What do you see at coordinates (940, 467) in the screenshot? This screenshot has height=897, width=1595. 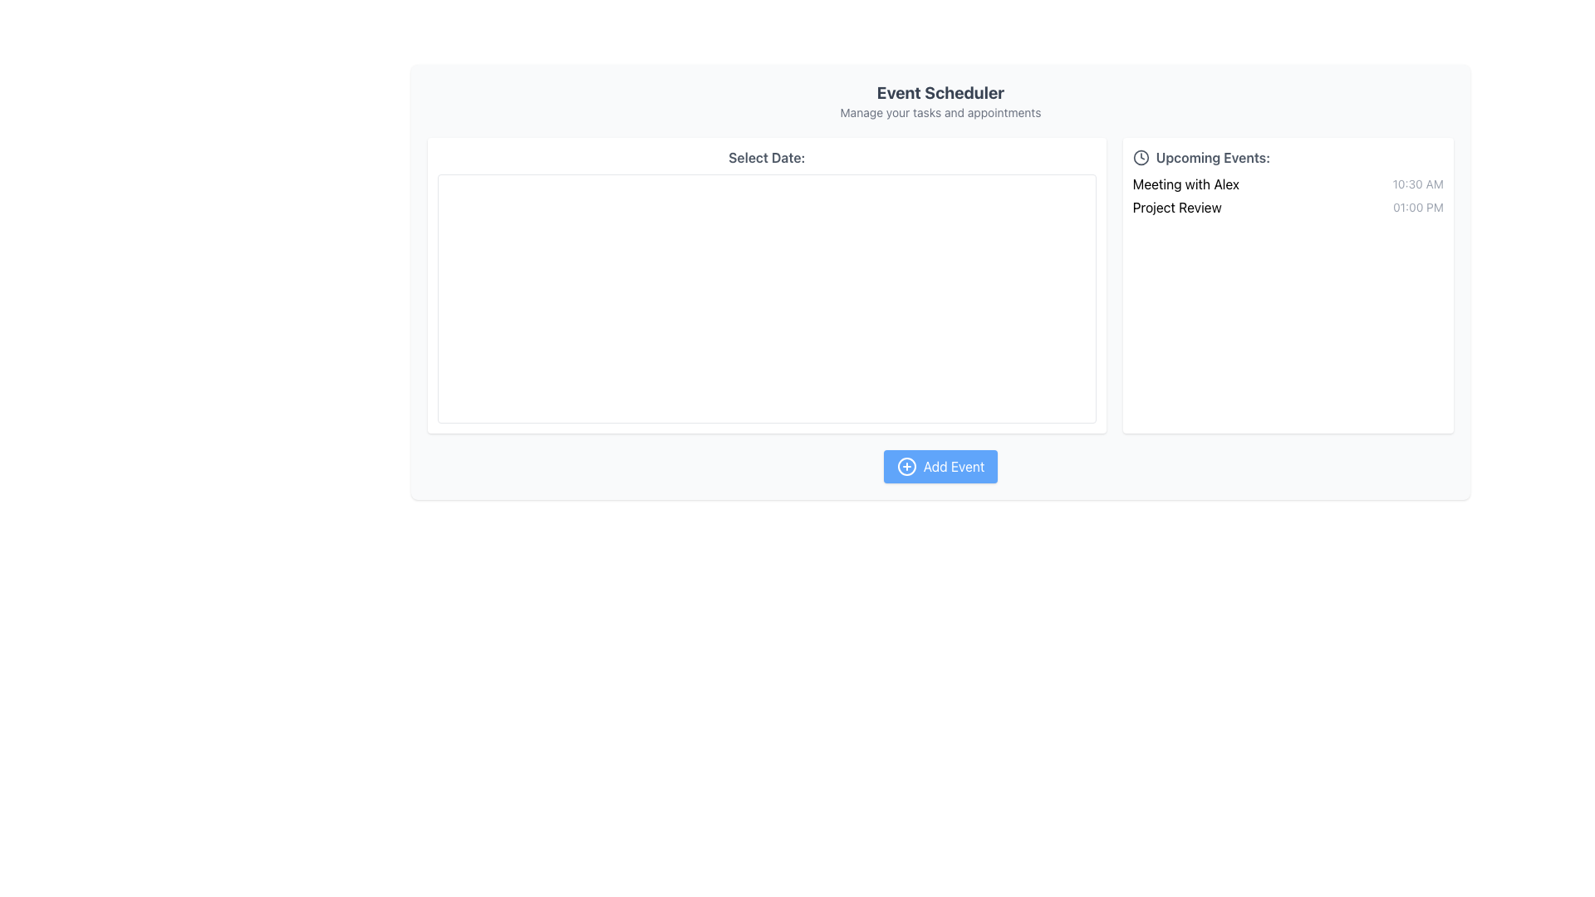 I see `the blue rounded button labeled 'Add Event' to observe the color change effect when the mouse is placed over it` at bounding box center [940, 467].